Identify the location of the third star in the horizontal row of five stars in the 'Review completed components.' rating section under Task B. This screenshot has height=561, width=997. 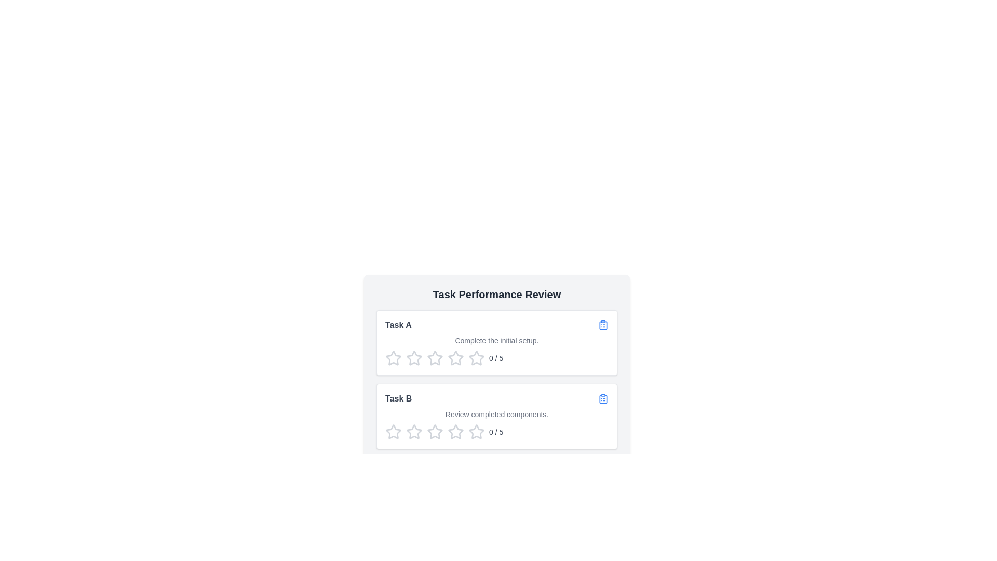
(413, 432).